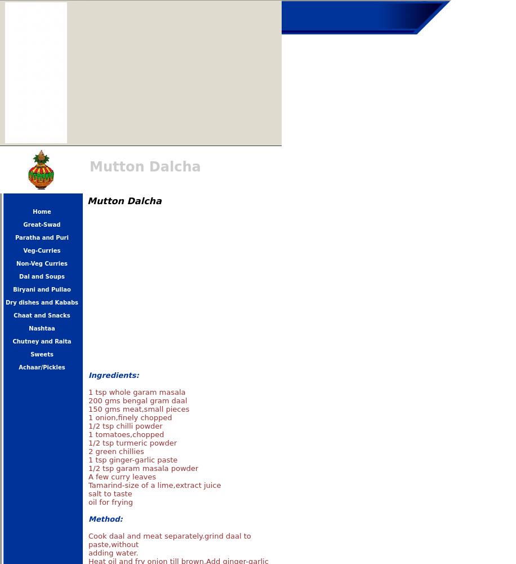  Describe the element at coordinates (125, 434) in the screenshot. I see `'1 tomatoes,chopped'` at that location.